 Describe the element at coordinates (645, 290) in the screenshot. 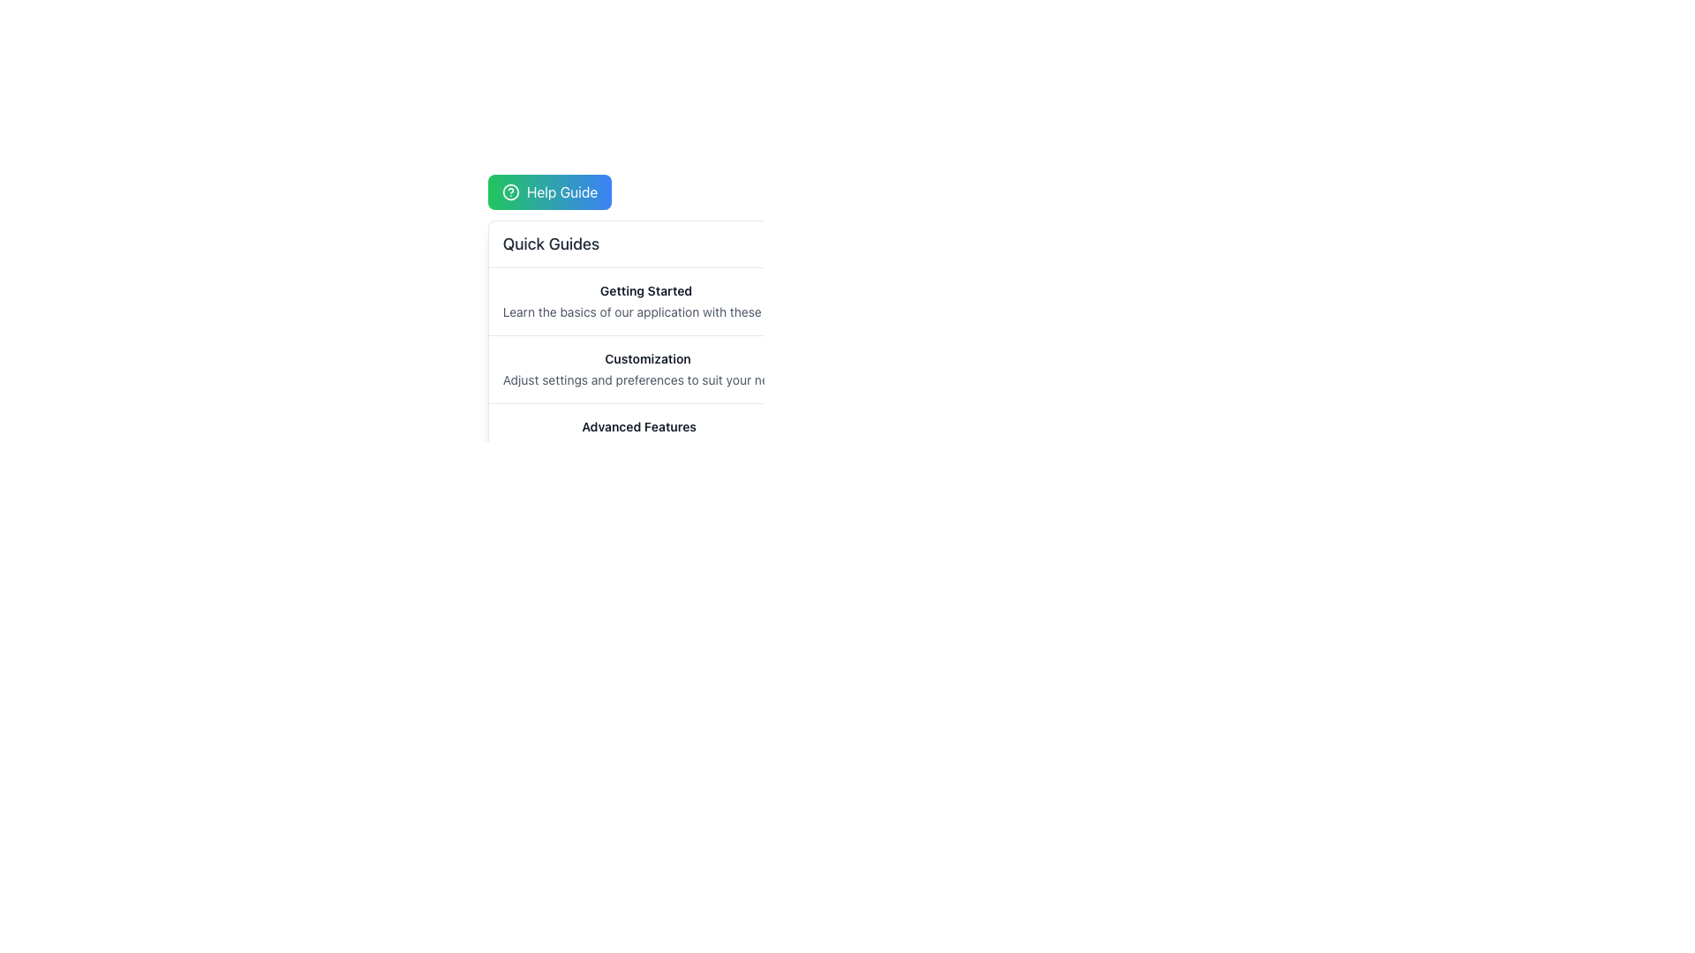

I see `the 'Getting Started' text label, which serves as the title for the introduction section in the 'Quick Guides' area` at that location.